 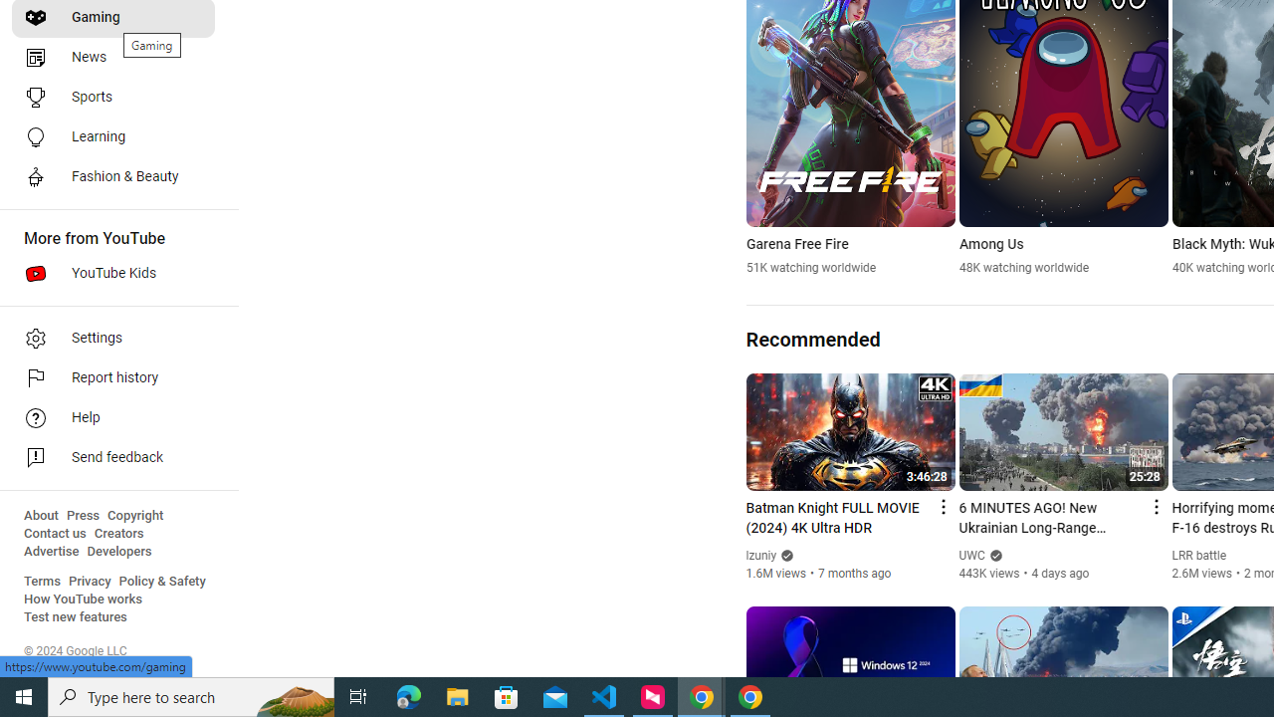 I want to click on 'YouTube Kids', so click(x=111, y=274).